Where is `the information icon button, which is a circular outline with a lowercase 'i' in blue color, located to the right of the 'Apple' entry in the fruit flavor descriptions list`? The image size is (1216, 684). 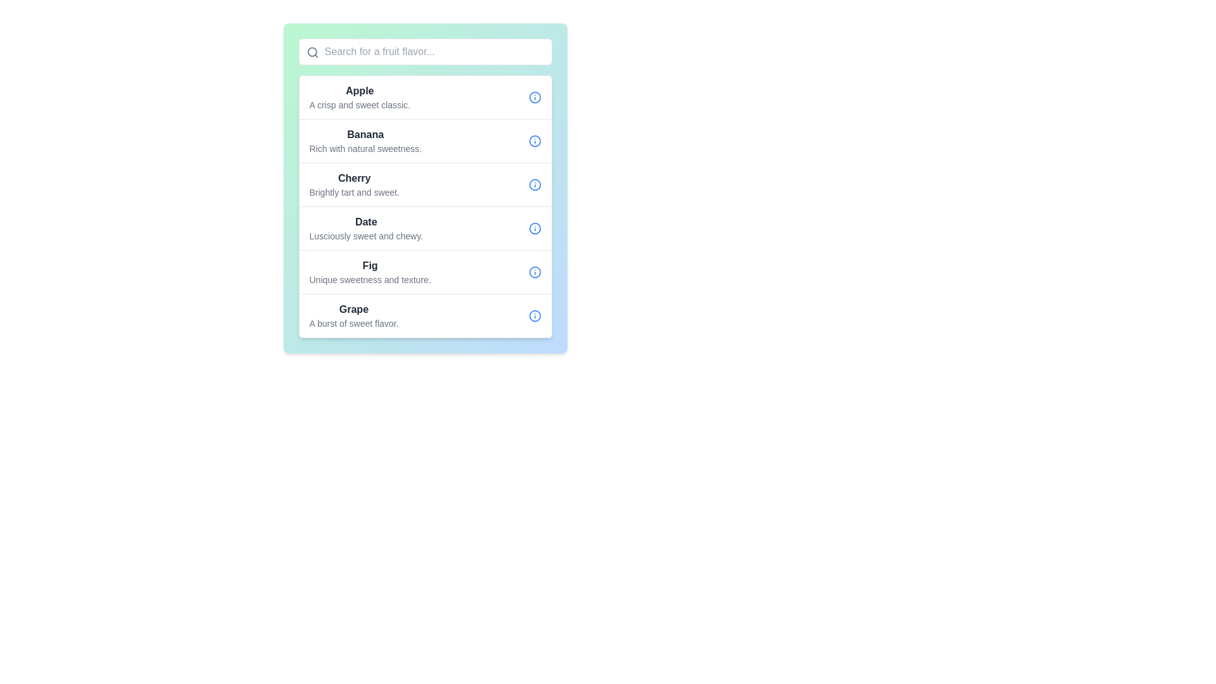
the information icon button, which is a circular outline with a lowercase 'i' in blue color, located to the right of the 'Apple' entry in the fruit flavor descriptions list is located at coordinates (535, 97).